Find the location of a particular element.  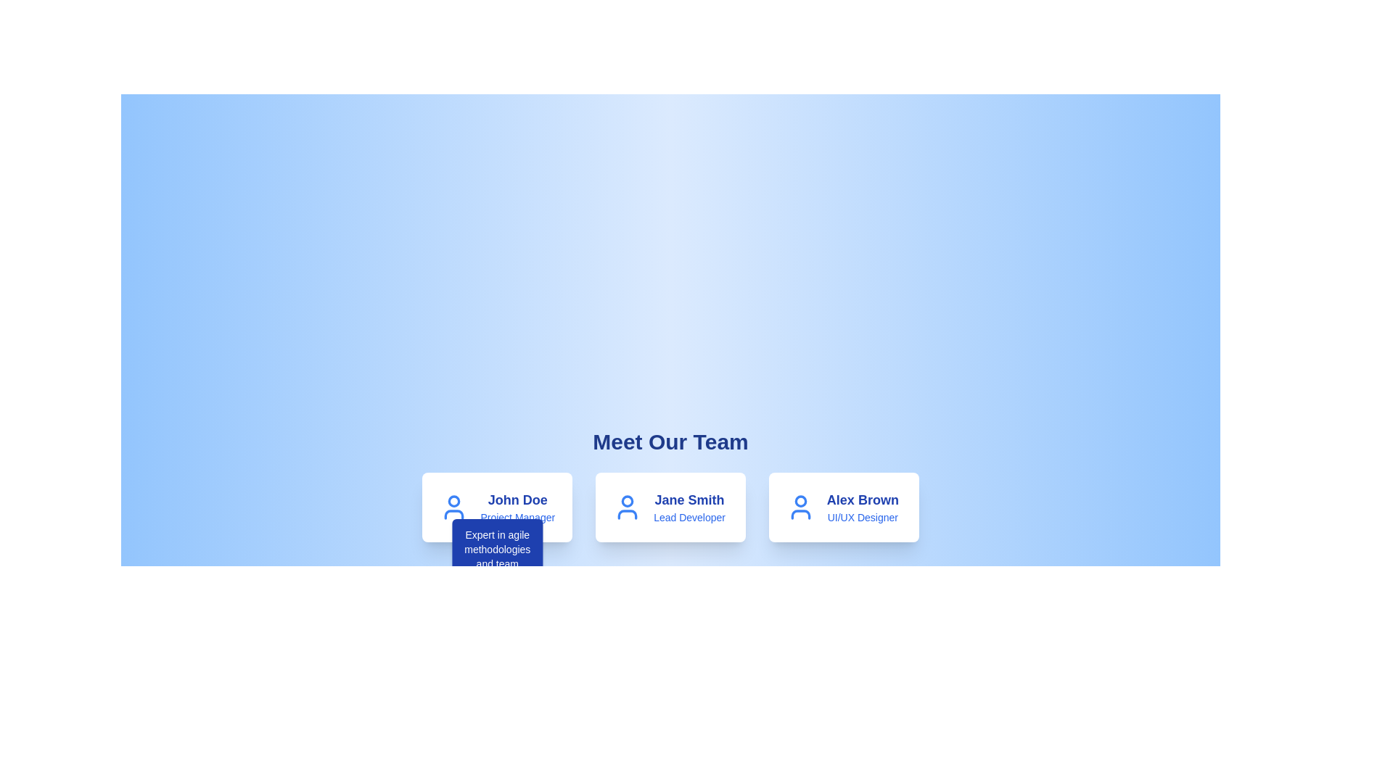

the text display that shows the name and title of a user, located in the first card under the 'Meet Our Team' header is located at coordinates (517, 506).